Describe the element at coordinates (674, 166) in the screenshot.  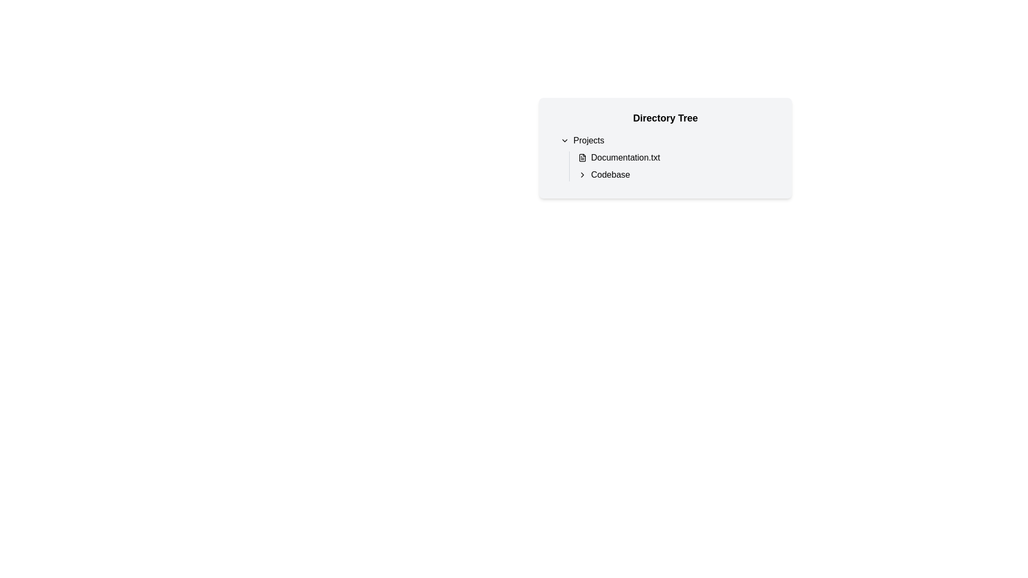
I see `the list item displaying 'Documentation.txt' in the directory tree interface` at that location.